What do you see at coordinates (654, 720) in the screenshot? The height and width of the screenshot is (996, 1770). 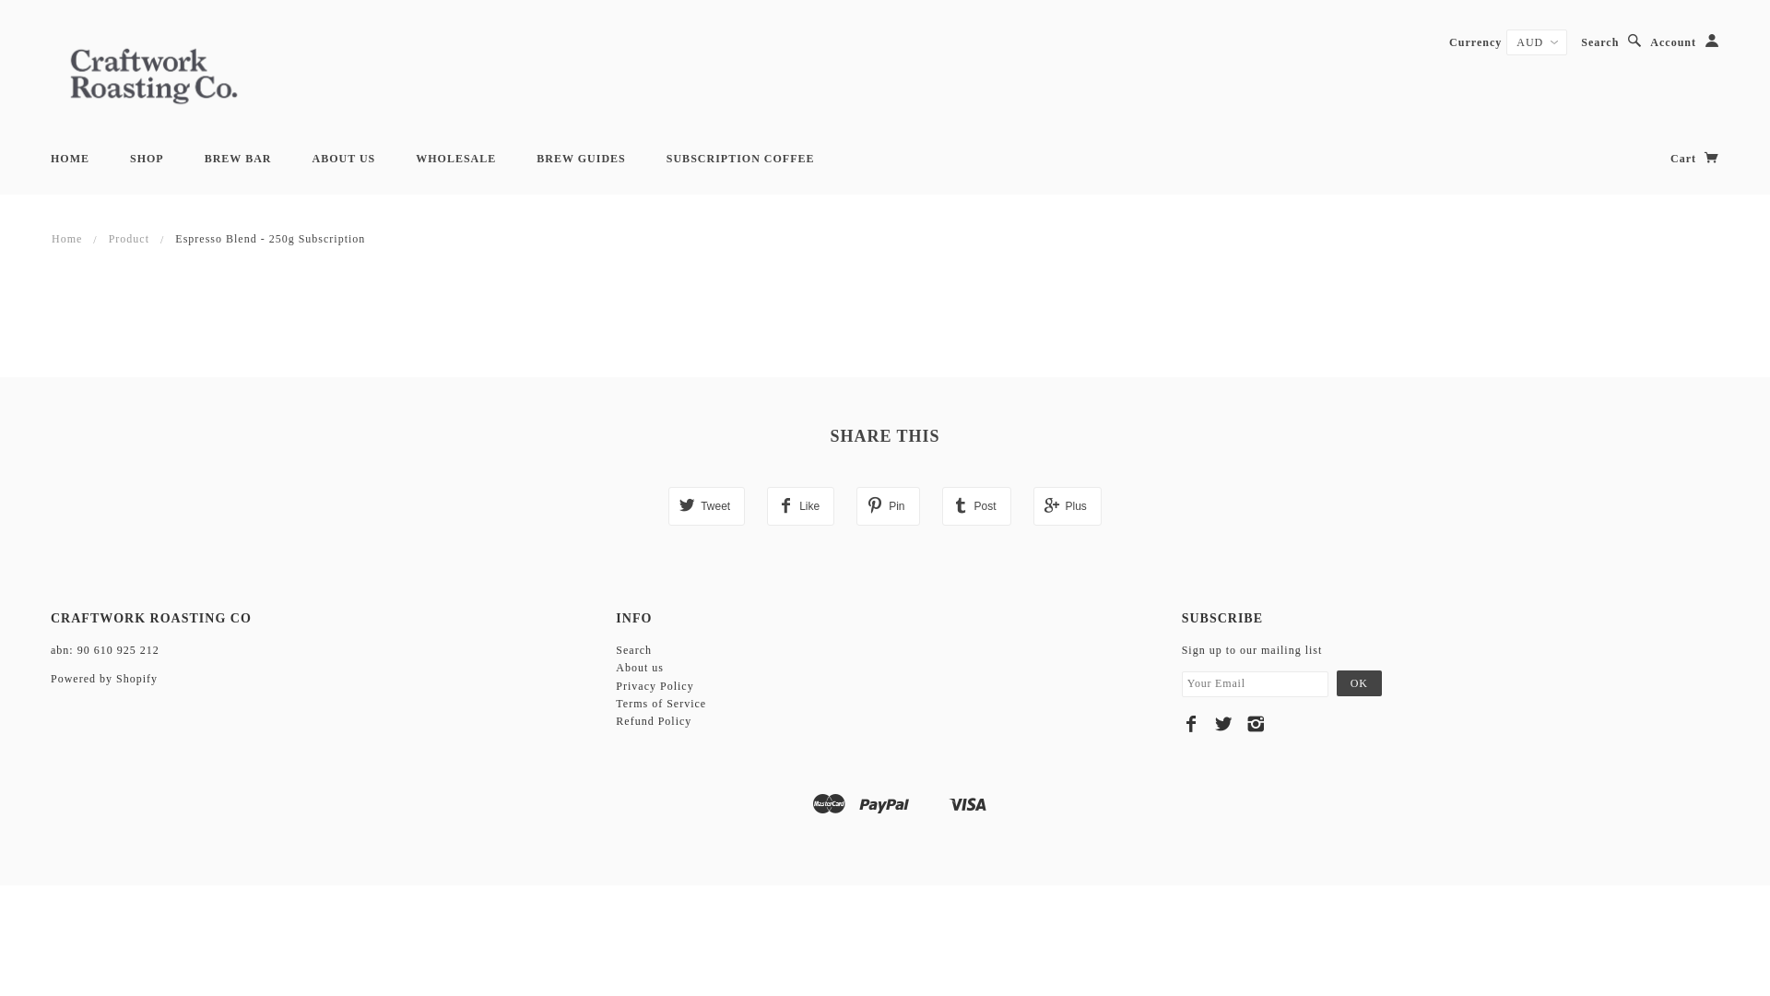 I see `'Refund Policy'` at bounding box center [654, 720].